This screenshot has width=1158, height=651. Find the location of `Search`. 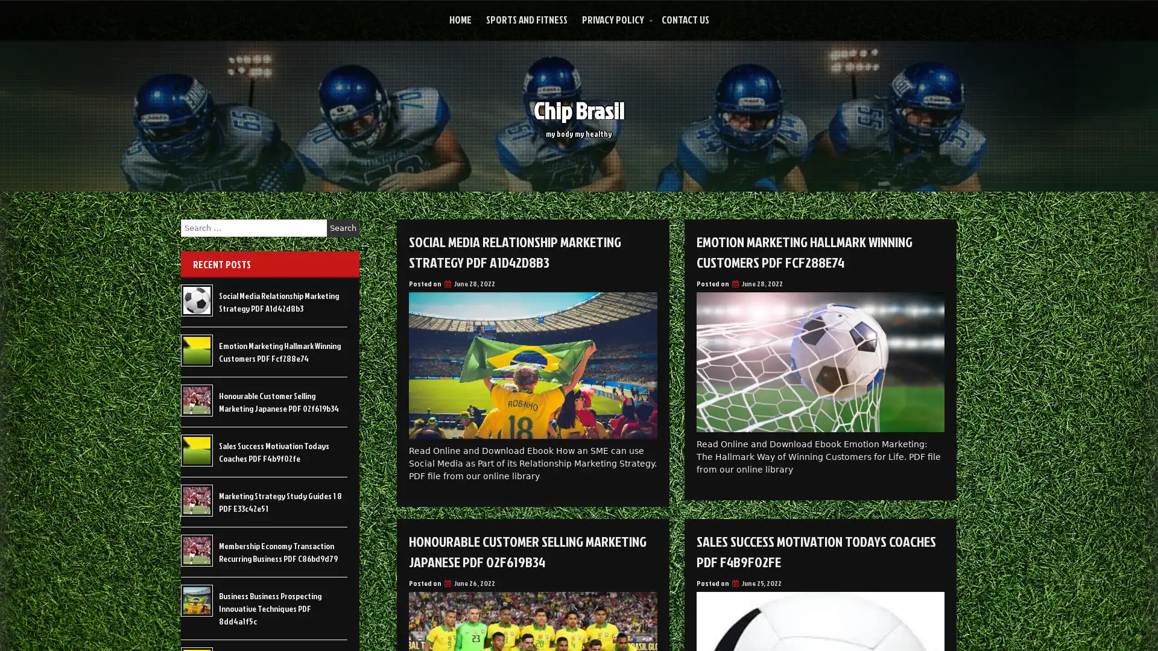

Search is located at coordinates (343, 228).